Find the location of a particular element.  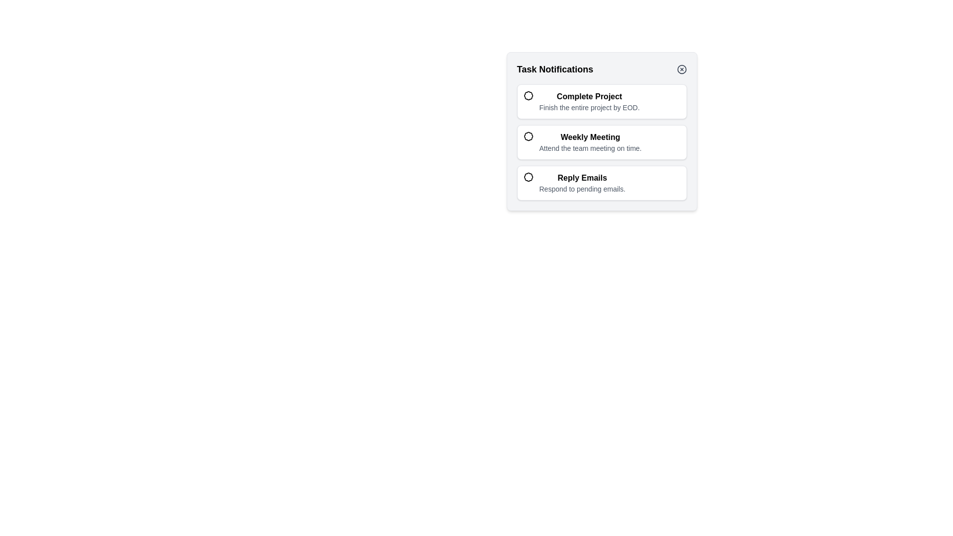

the small decorative icon resembling a badge or seal located to the left of the 'Complete Project' item in the task list is located at coordinates (528, 95).